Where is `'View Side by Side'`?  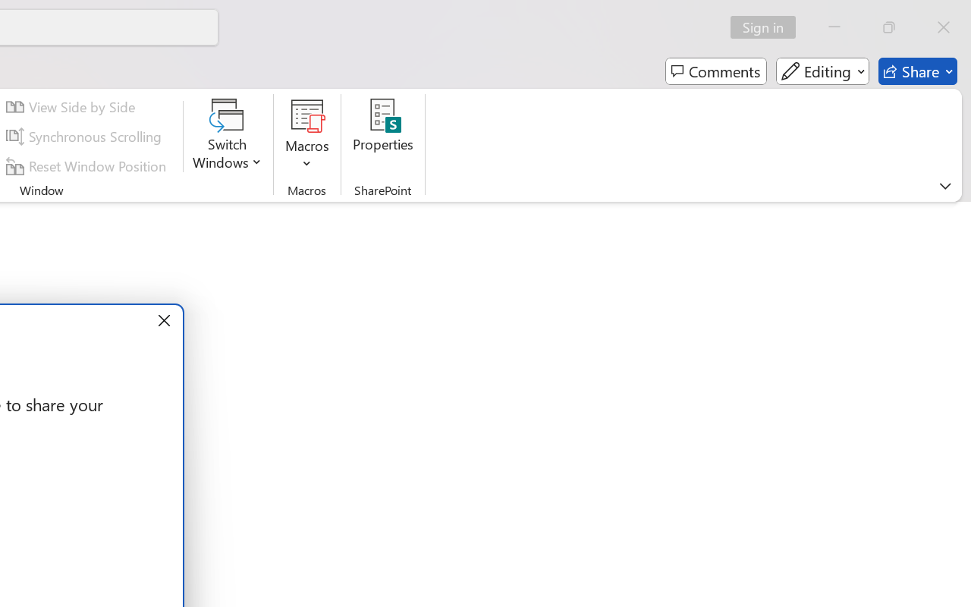 'View Side by Side' is located at coordinates (72, 107).